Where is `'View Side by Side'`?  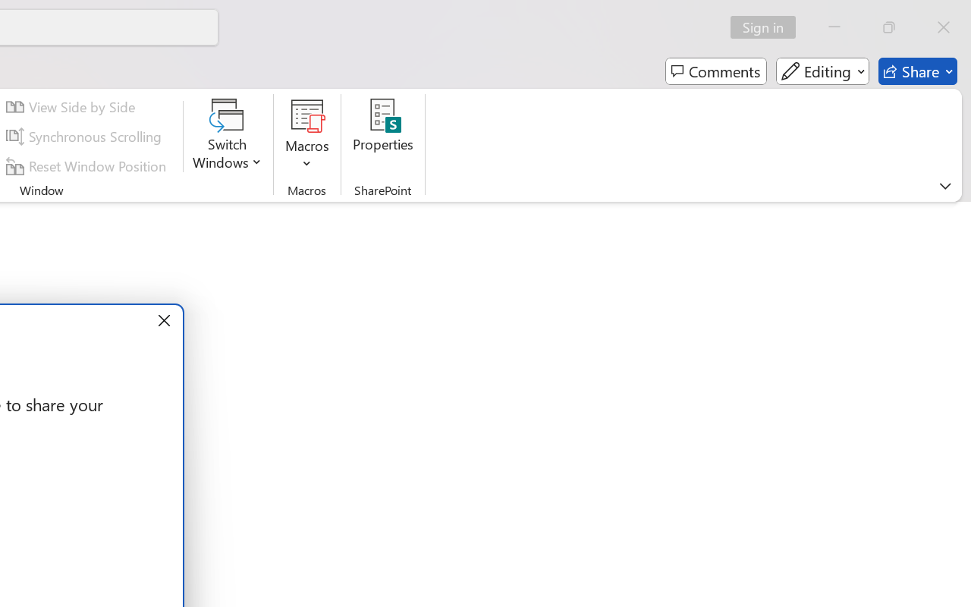 'View Side by Side' is located at coordinates (72, 107).